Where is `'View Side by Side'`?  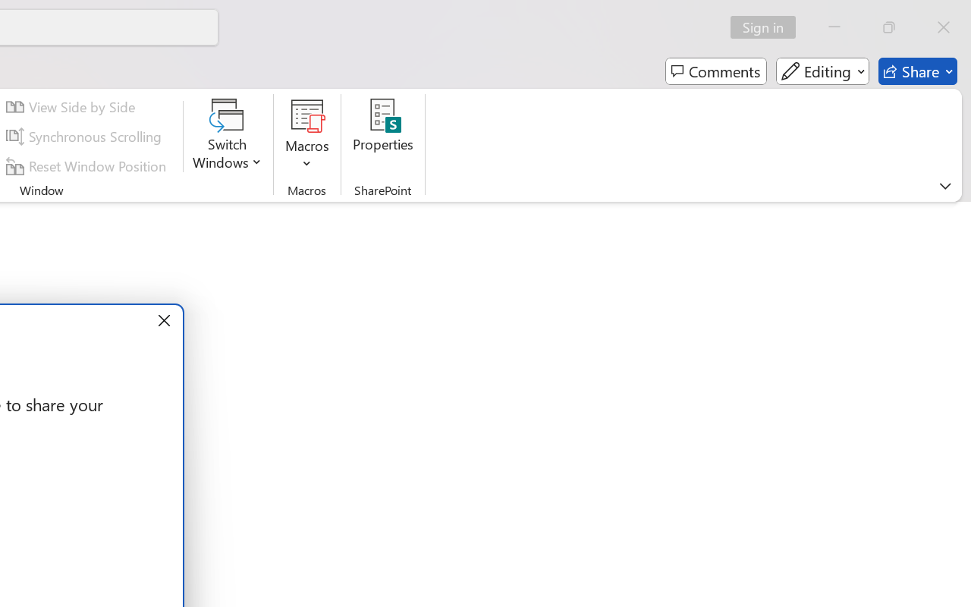 'View Side by Side' is located at coordinates (72, 107).